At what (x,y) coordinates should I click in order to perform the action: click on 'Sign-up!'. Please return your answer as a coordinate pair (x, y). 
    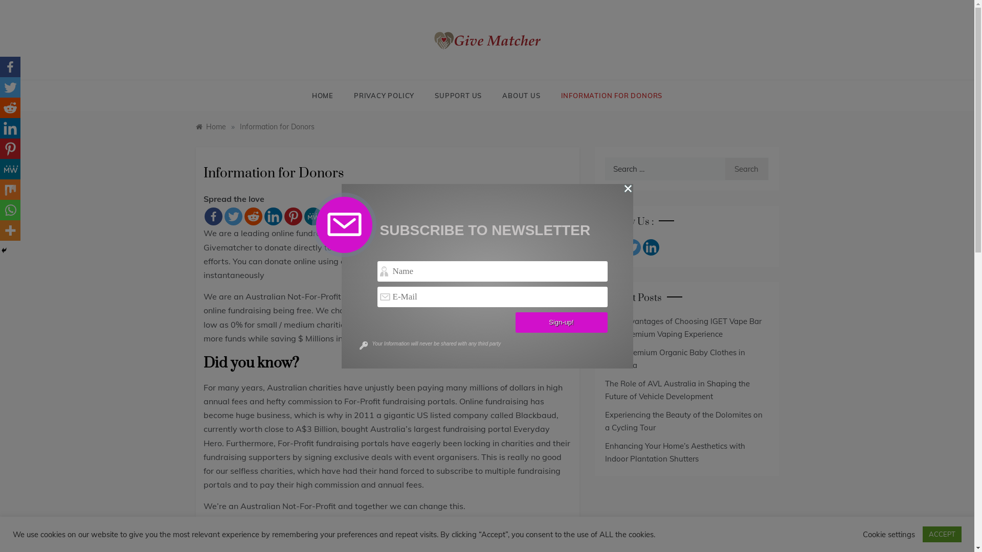
    Looking at the image, I should click on (561, 321).